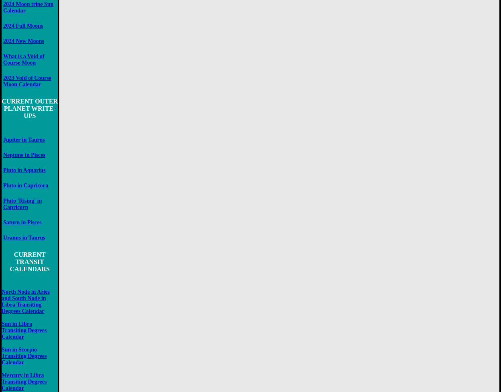  I want to click on 'CALENDARS', so click(29, 269).